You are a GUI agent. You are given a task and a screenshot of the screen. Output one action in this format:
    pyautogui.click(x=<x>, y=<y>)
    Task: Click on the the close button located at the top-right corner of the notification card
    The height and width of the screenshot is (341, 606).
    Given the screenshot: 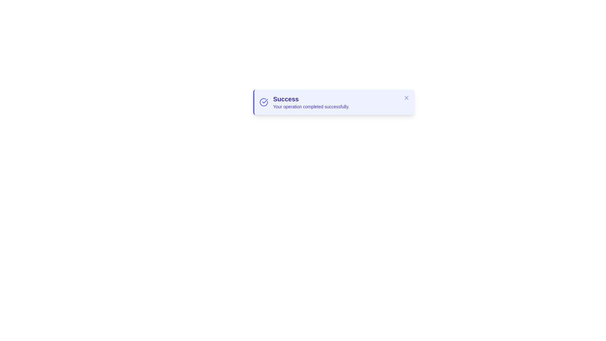 What is the action you would take?
    pyautogui.click(x=406, y=98)
    